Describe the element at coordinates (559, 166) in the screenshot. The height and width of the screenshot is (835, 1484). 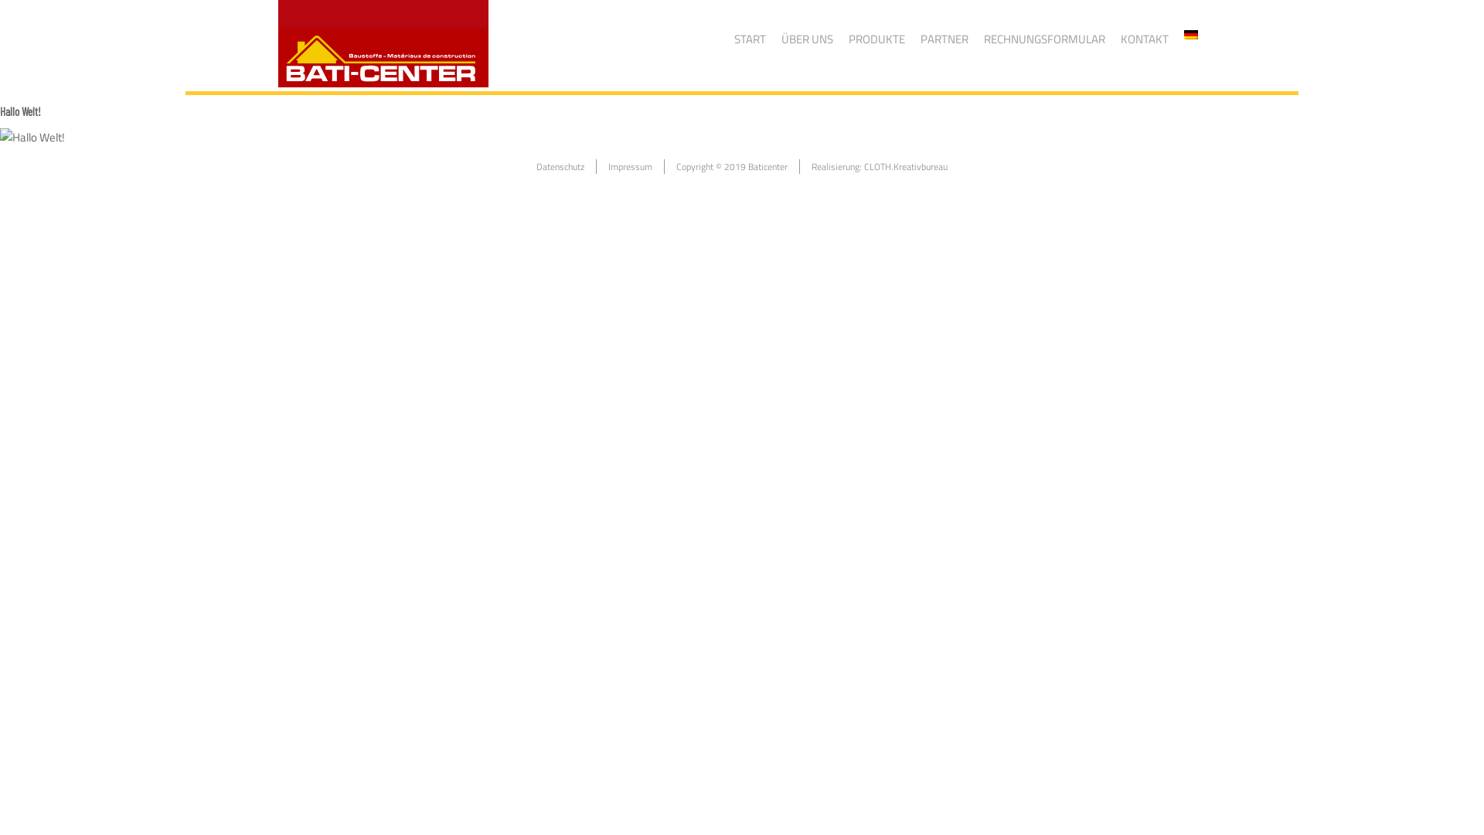
I see `'Datenschutz'` at that location.